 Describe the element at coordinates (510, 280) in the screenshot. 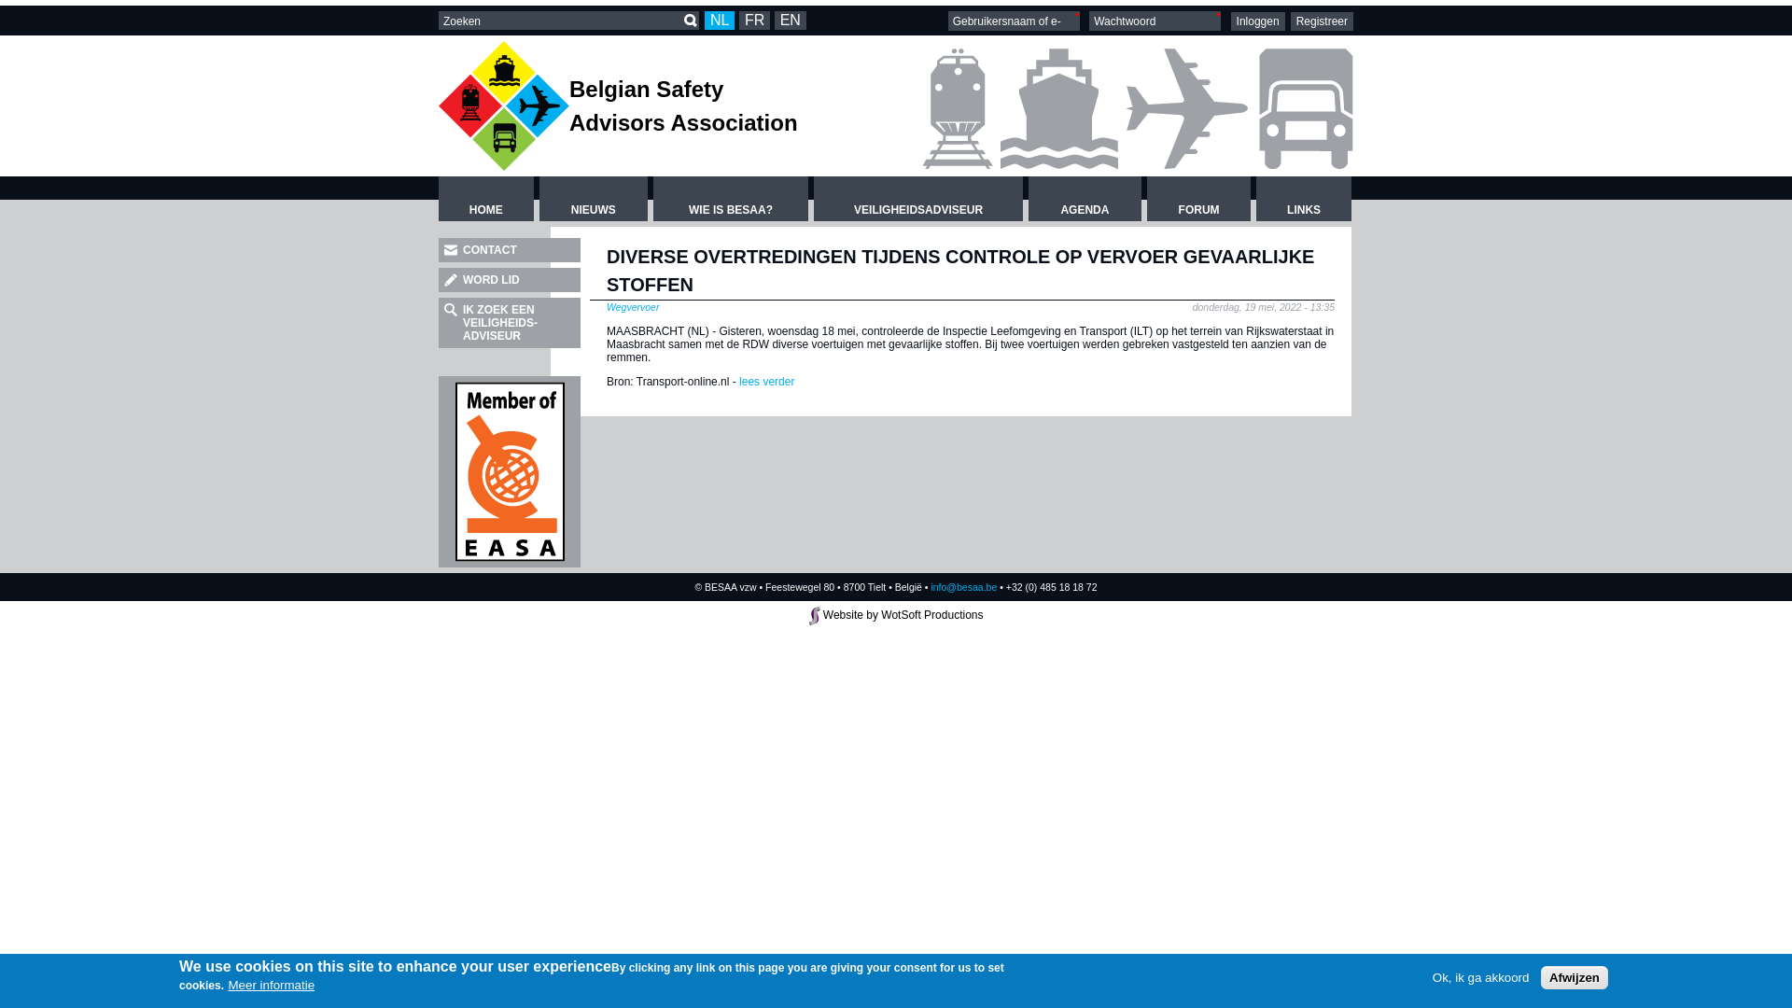

I see `'WORD LID'` at that location.